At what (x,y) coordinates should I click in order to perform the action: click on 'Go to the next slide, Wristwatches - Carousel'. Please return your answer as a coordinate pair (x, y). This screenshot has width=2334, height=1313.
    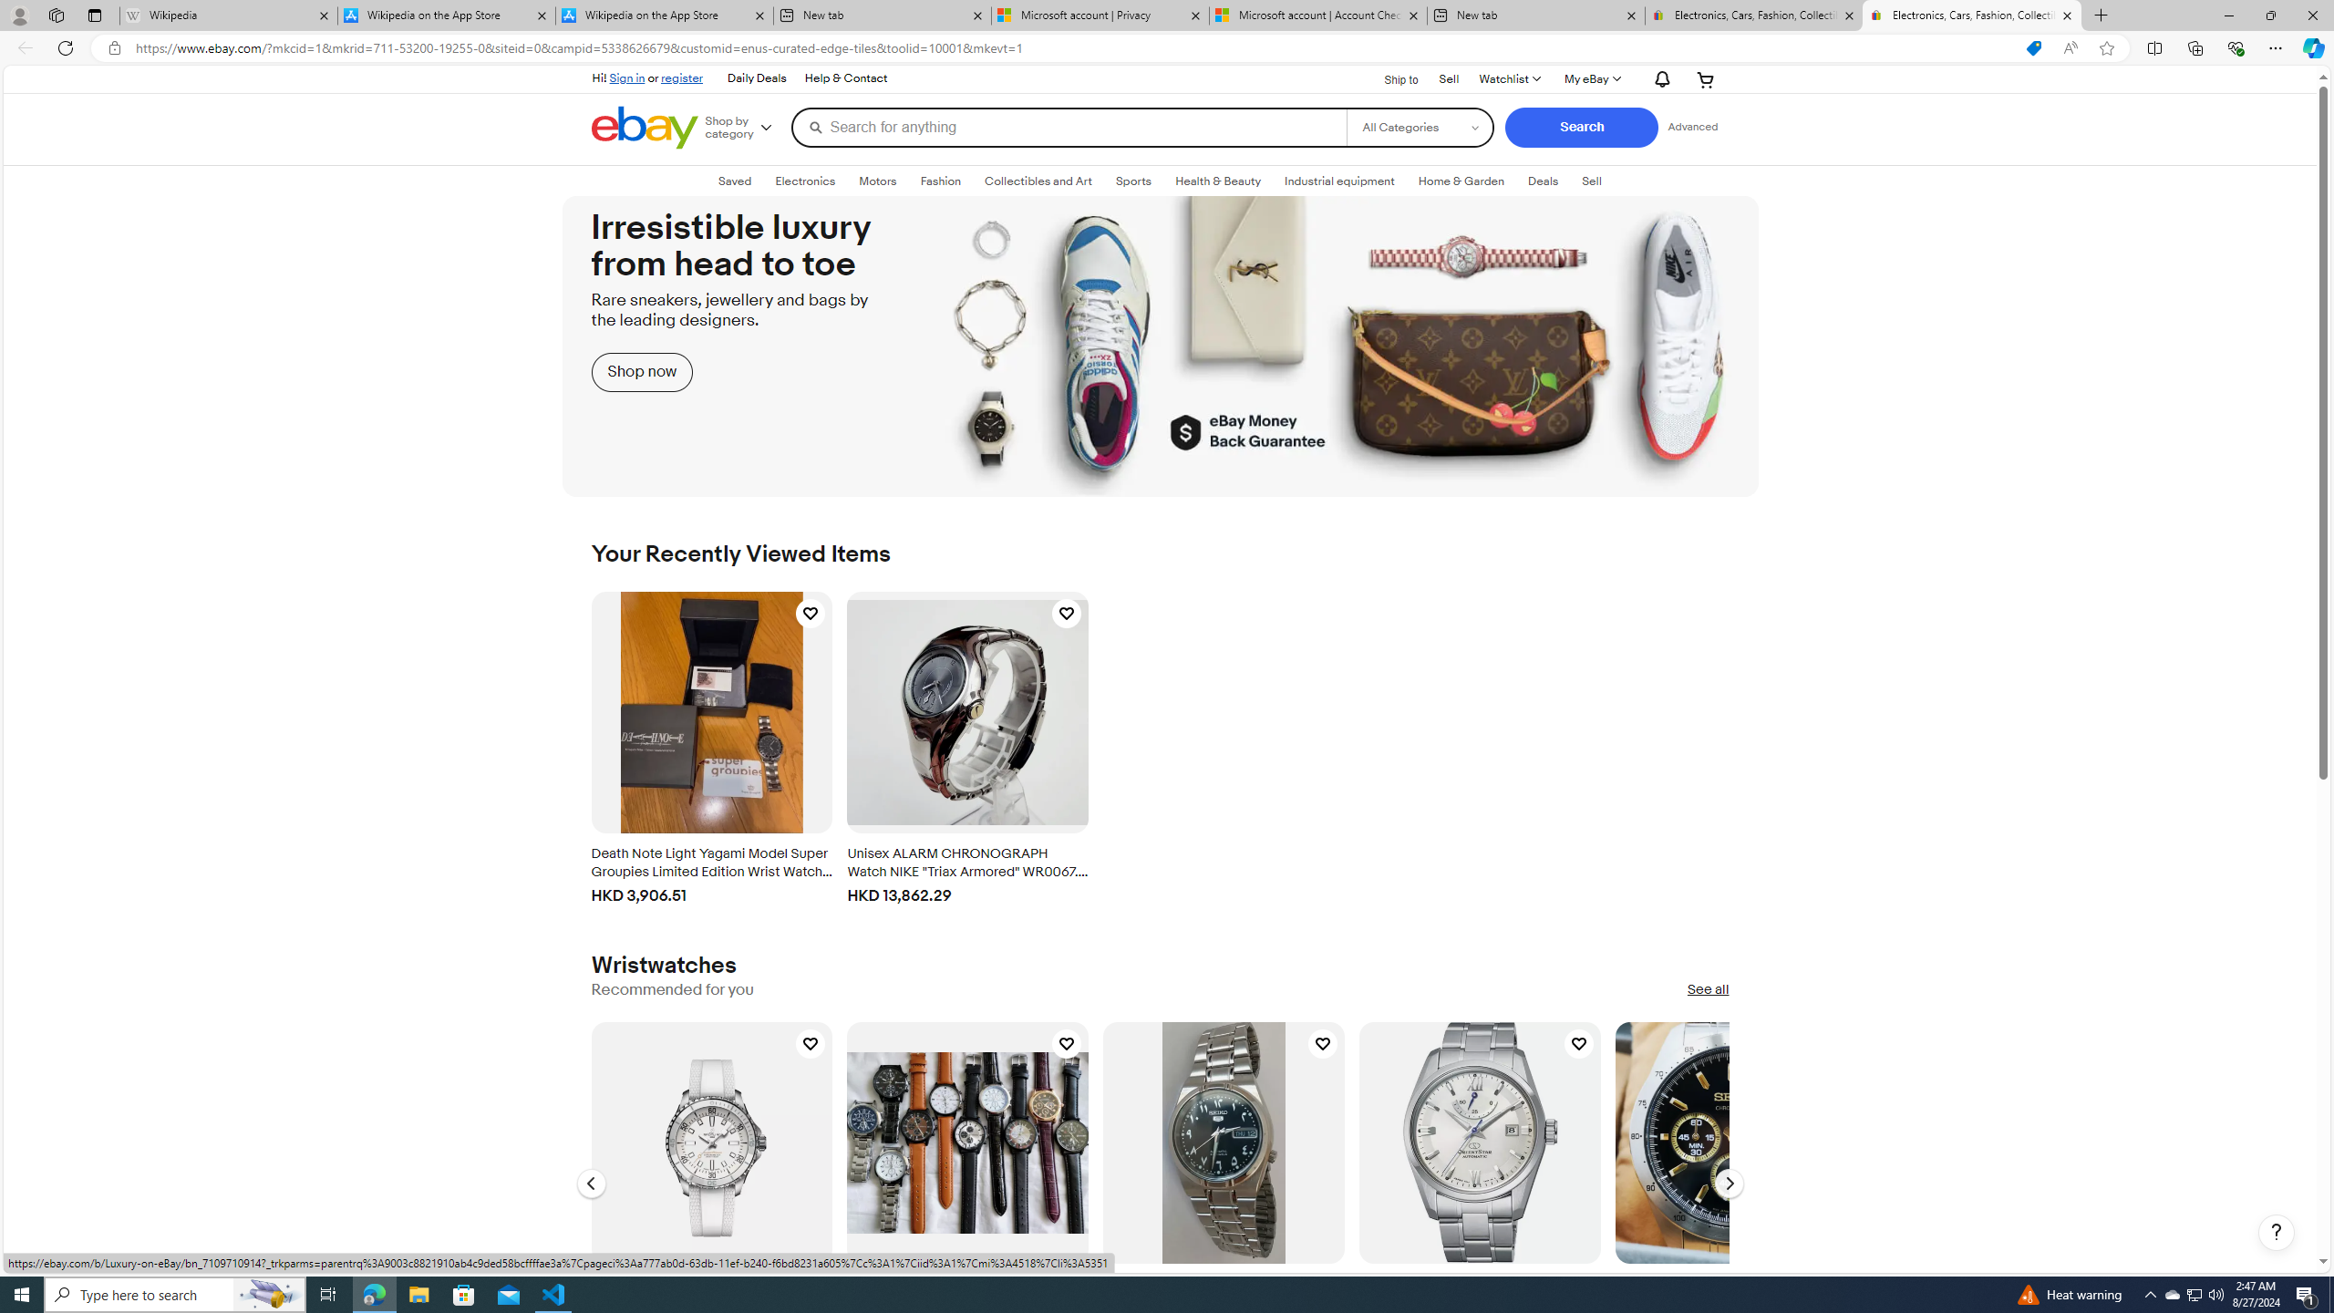
    Looking at the image, I should click on (1728, 1184).